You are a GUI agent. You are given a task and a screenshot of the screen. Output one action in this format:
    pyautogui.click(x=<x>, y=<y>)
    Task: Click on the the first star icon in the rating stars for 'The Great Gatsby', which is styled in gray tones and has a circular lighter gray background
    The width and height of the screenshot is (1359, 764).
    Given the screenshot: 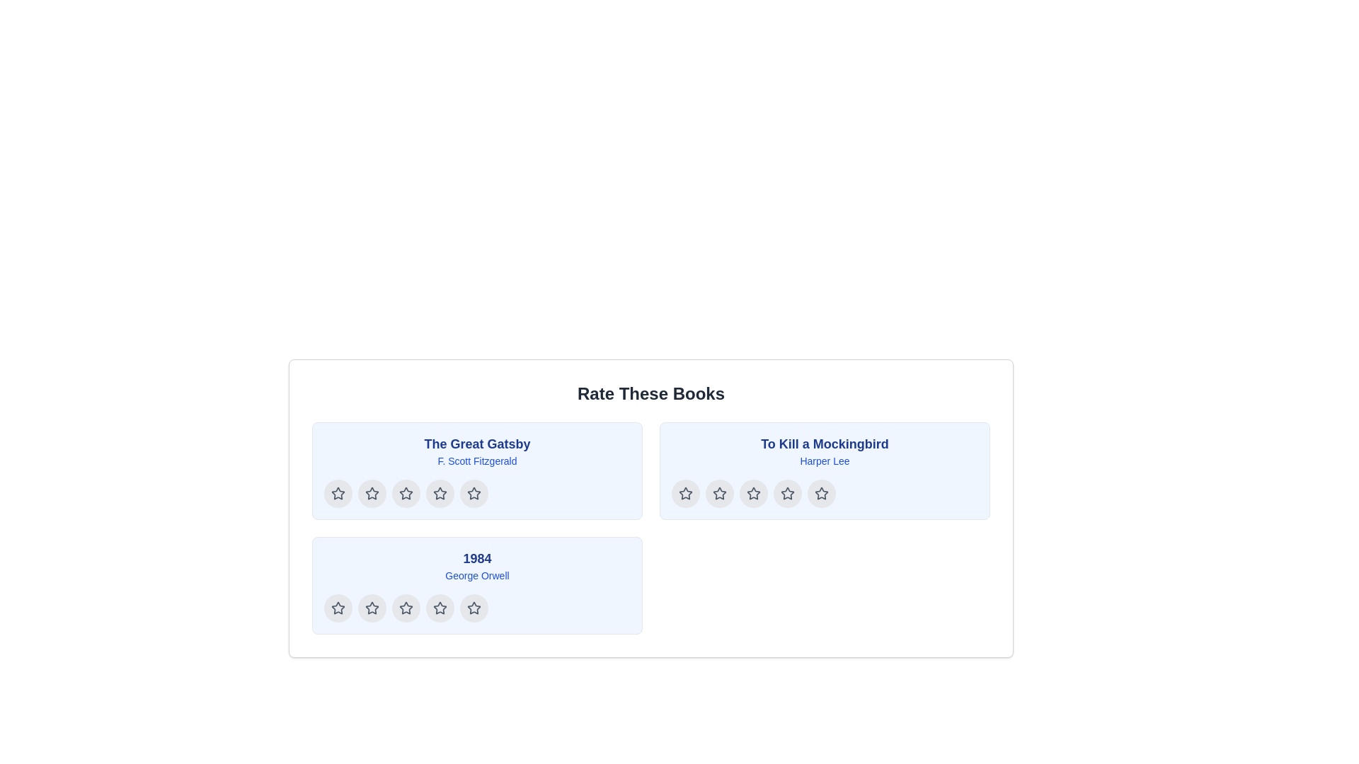 What is the action you would take?
    pyautogui.click(x=338, y=493)
    